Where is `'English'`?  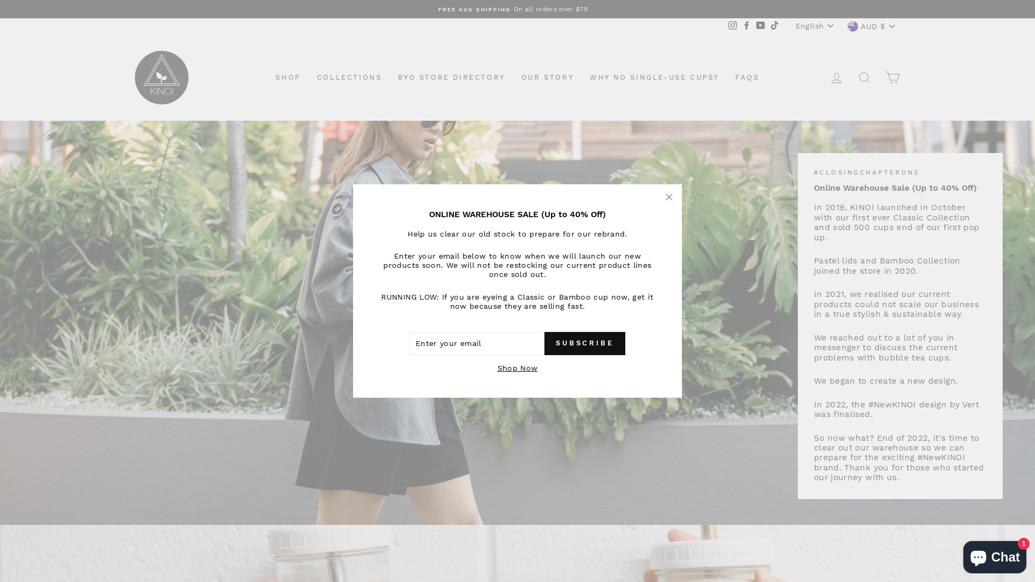 'English' is located at coordinates (792, 25).